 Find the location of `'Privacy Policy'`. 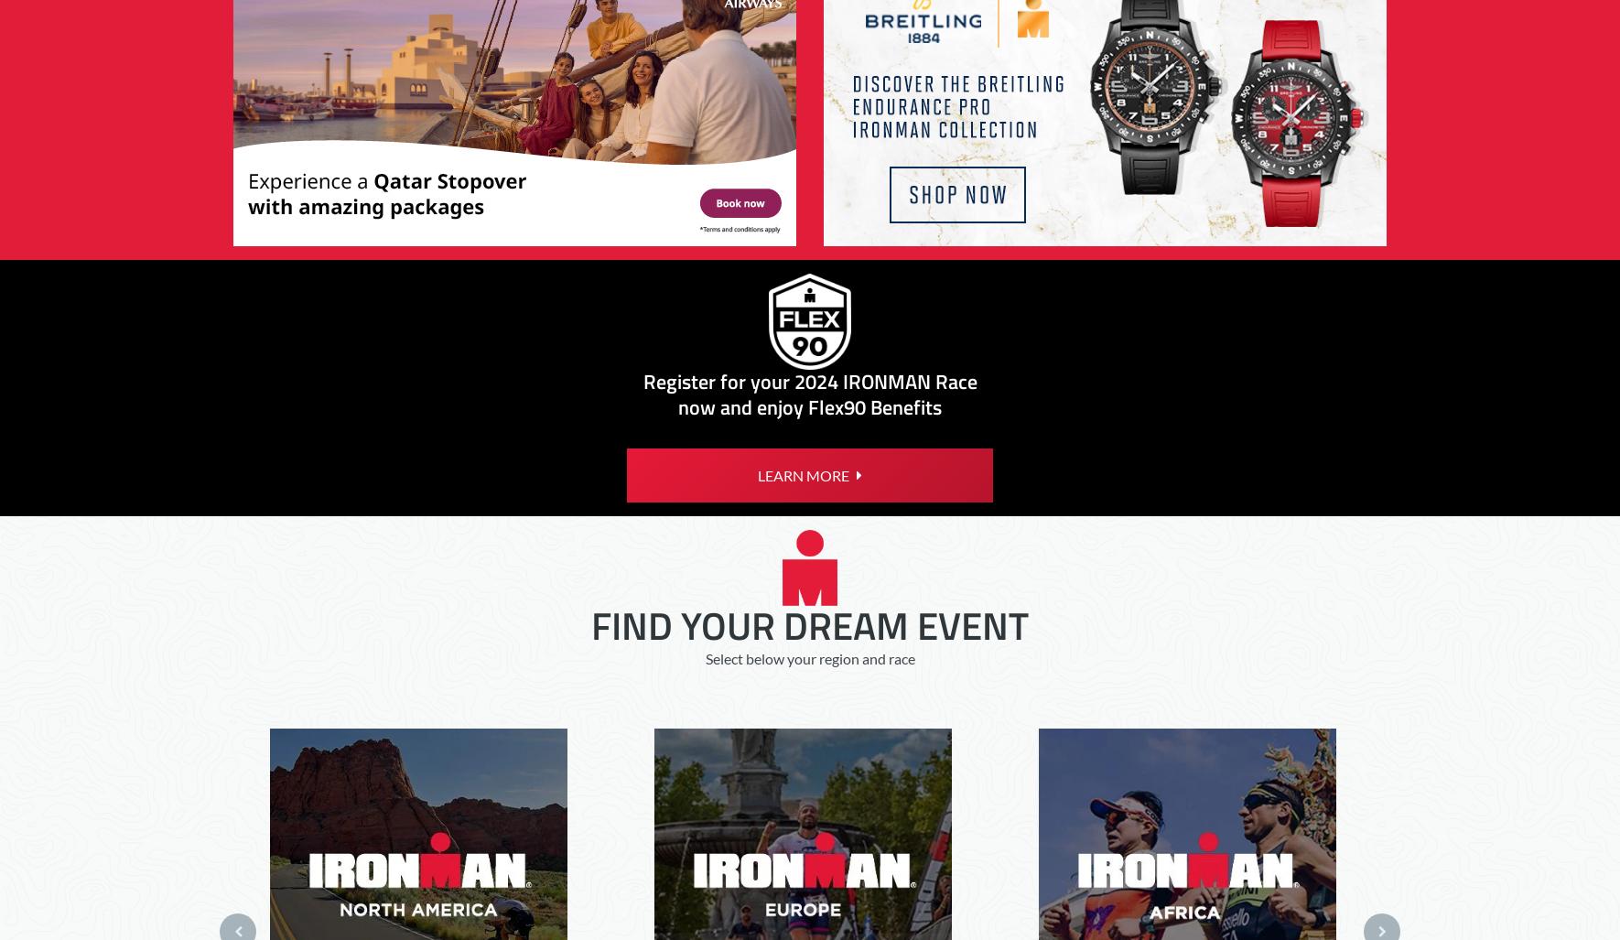

'Privacy Policy' is located at coordinates (430, 85).